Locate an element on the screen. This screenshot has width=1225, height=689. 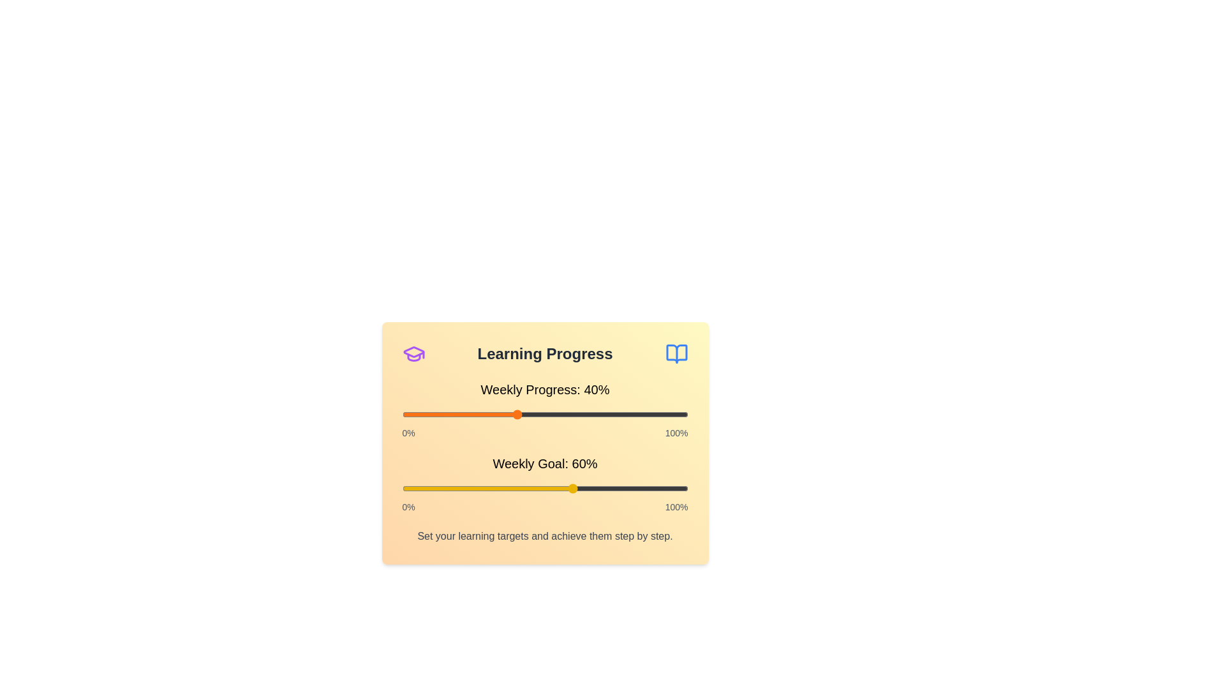
the 'Weekly Goal' slider to 88% is located at coordinates (653, 488).